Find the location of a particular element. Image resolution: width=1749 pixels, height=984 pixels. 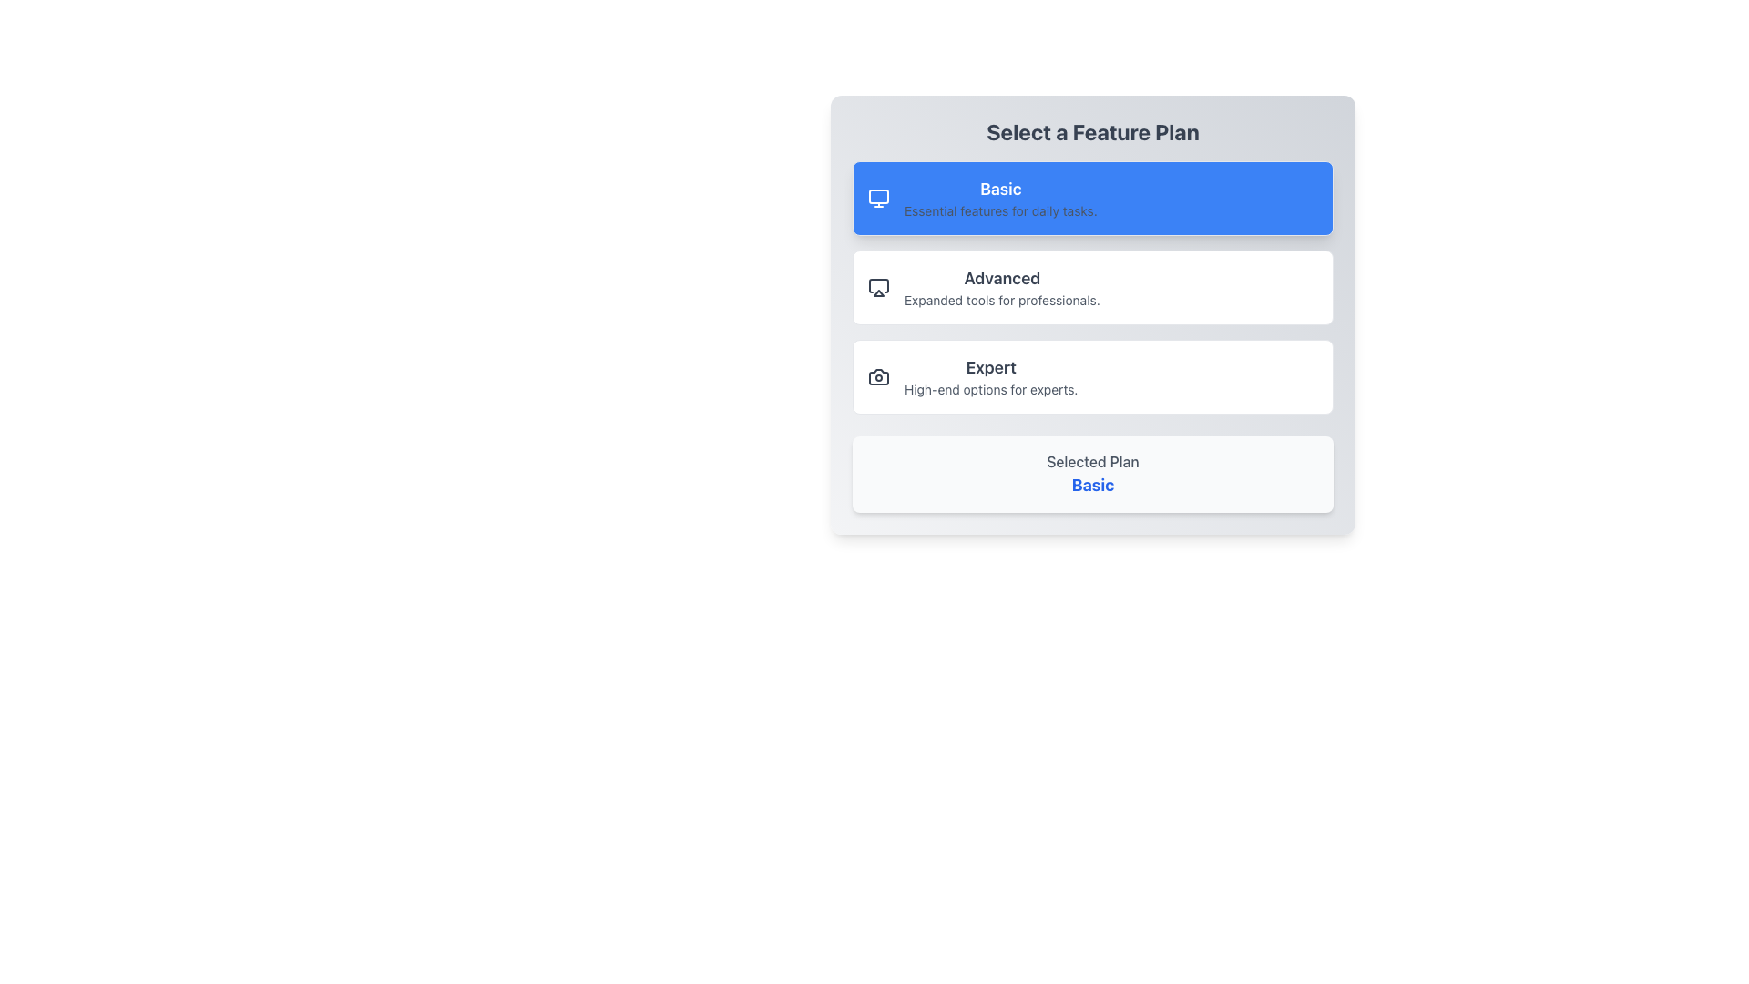

the computer monitor icon outlined in white on a blue background, located at the top-left corner of the 'Basic' card is located at coordinates (878, 199).